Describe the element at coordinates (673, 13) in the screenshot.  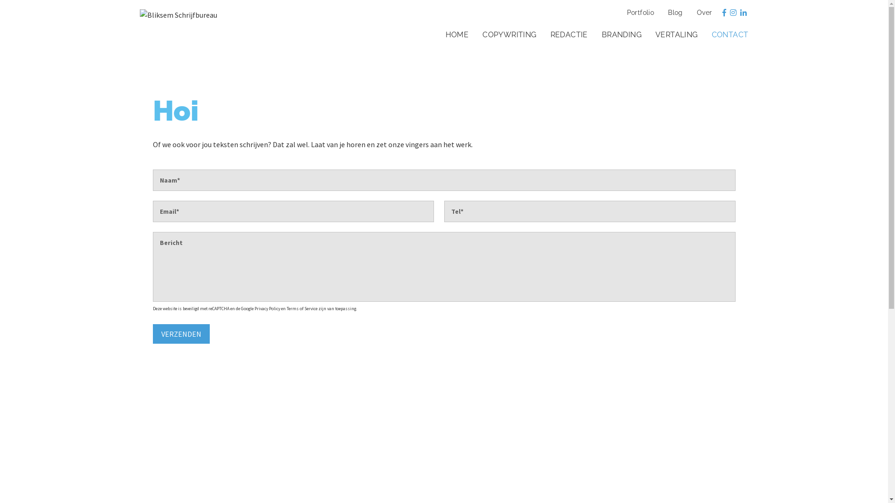
I see `'Blog'` at that location.